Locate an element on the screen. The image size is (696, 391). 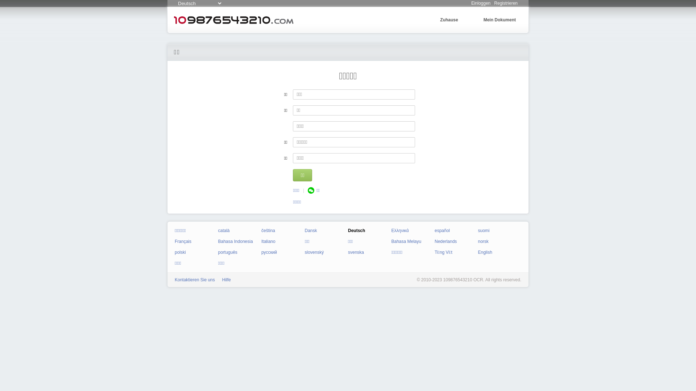
'English' is located at coordinates (478, 252).